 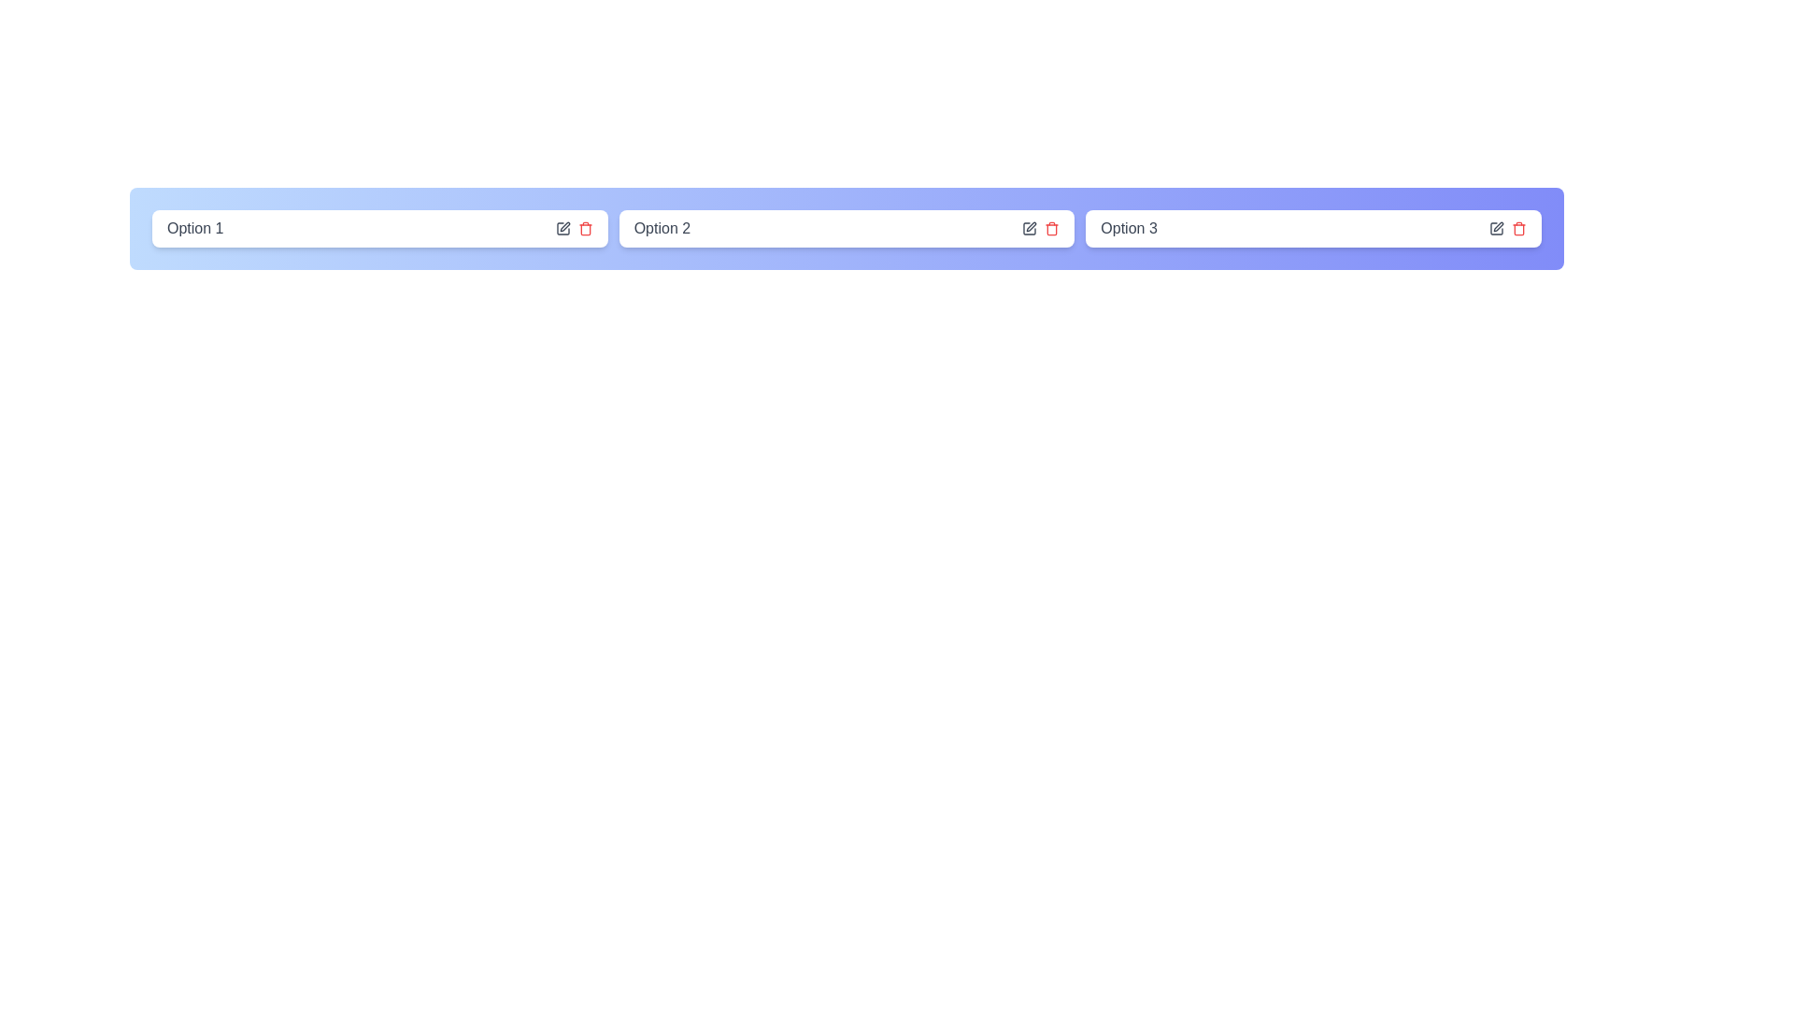 What do you see at coordinates (1052, 228) in the screenshot?
I see `the trash icon of the chip labeled Option 2 to delete it` at bounding box center [1052, 228].